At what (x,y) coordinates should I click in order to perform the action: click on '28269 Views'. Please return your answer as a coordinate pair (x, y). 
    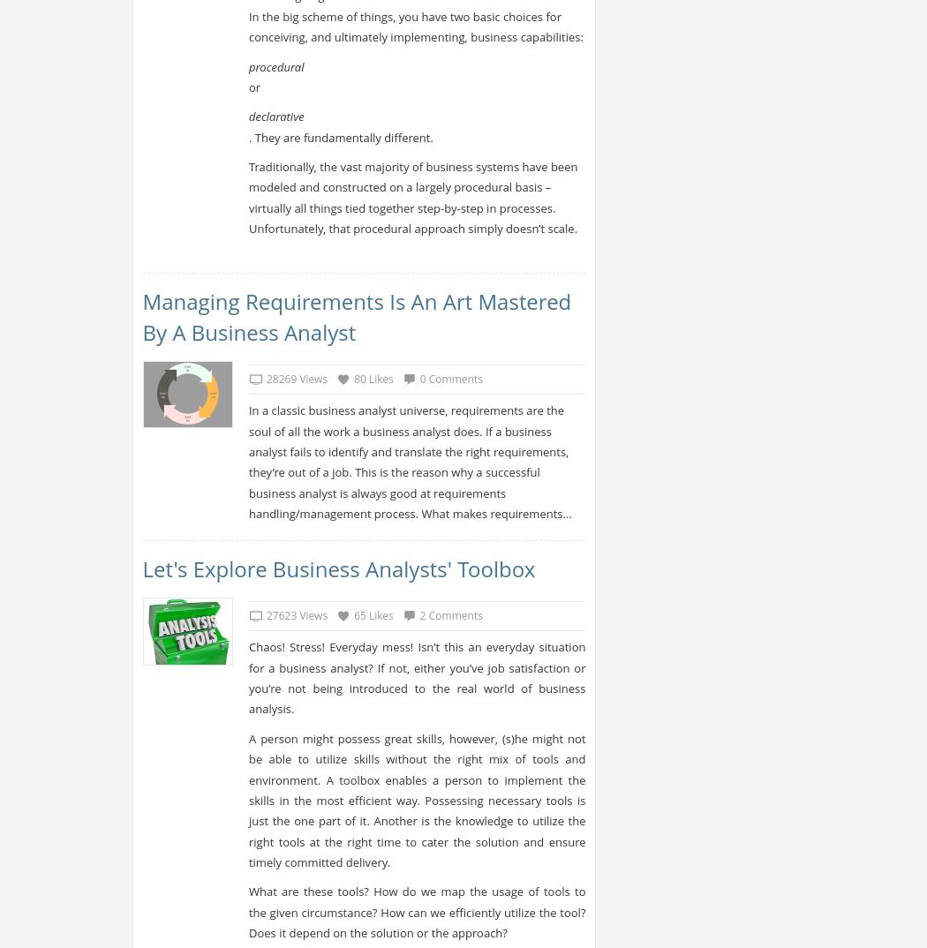
    Looking at the image, I should click on (297, 378).